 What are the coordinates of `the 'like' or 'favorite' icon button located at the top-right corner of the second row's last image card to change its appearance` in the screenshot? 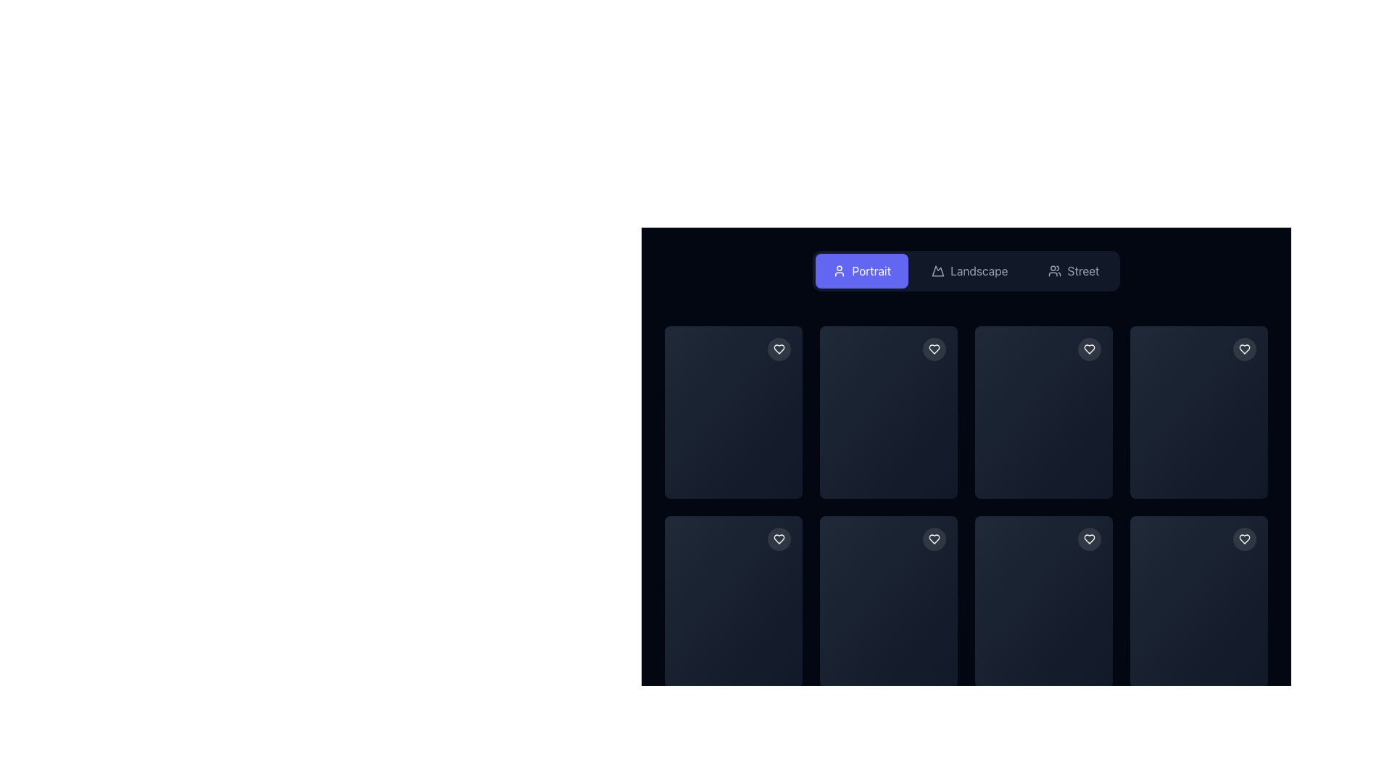 It's located at (779, 539).